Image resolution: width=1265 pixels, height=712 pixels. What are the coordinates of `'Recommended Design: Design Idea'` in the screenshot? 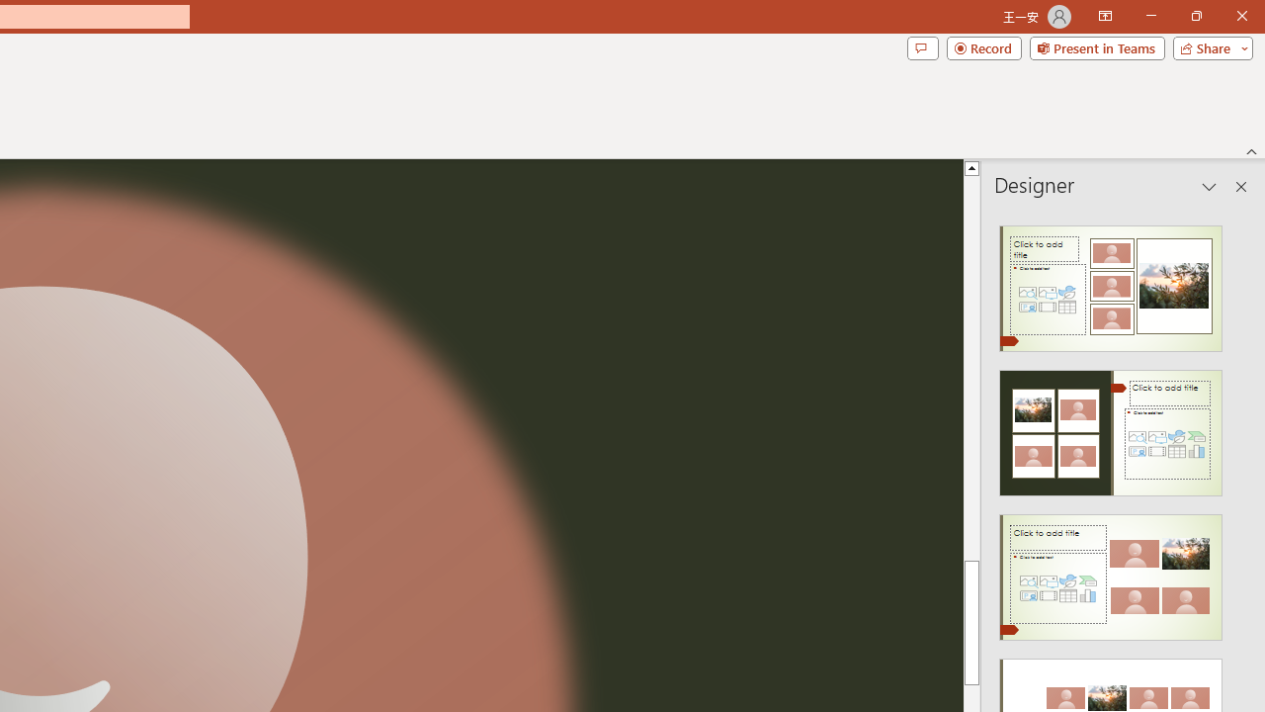 It's located at (1111, 283).